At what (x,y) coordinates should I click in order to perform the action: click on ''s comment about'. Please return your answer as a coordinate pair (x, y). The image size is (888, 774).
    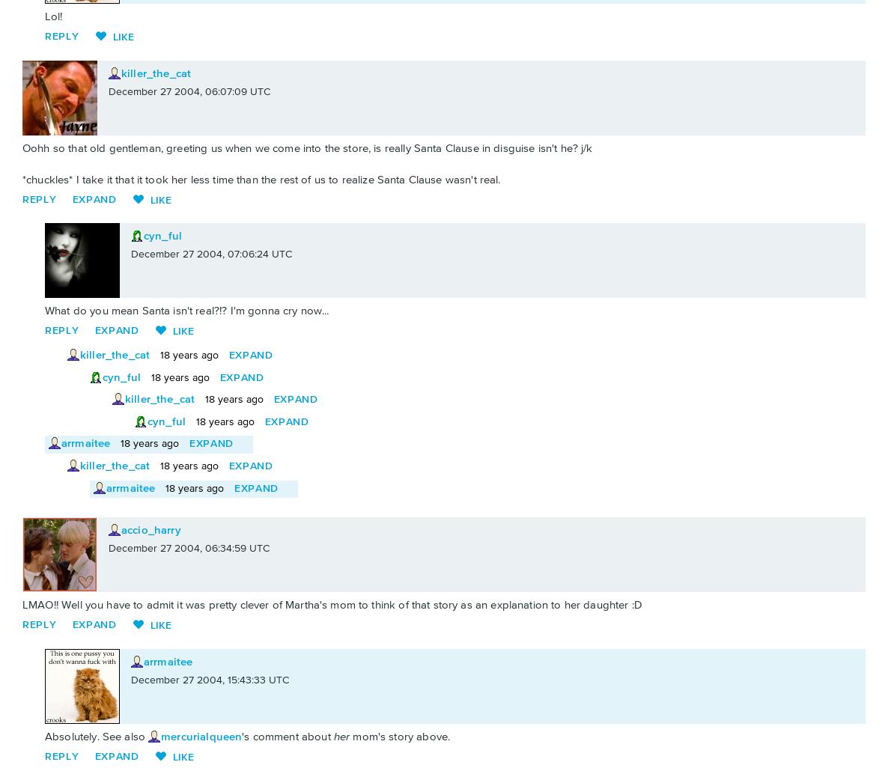
    Looking at the image, I should click on (287, 735).